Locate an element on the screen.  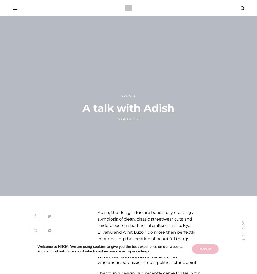
'A talk with Adish' is located at coordinates (82, 108).